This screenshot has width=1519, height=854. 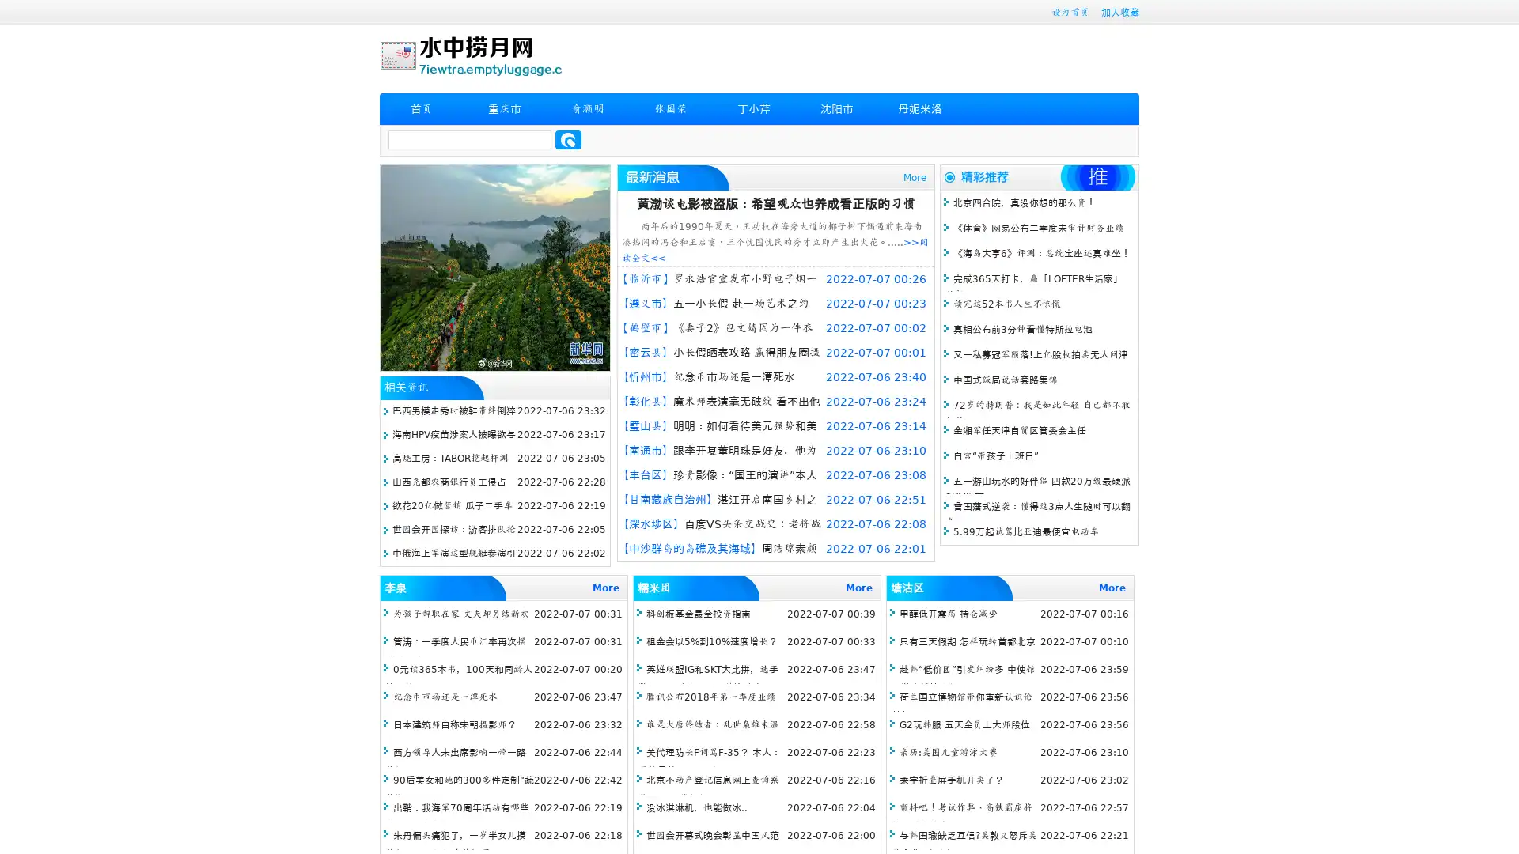 I want to click on Search, so click(x=568, y=139).